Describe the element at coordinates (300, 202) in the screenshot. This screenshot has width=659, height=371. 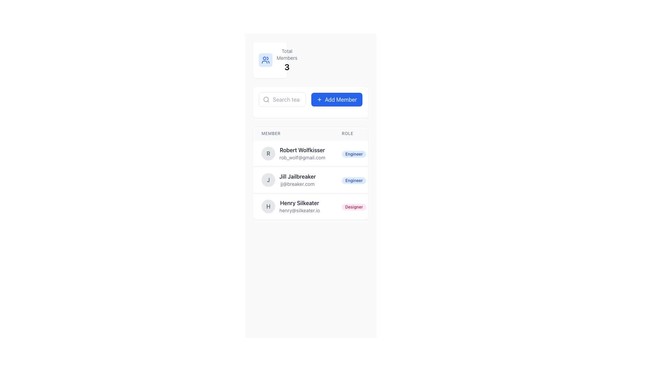
I see `the non-interactive text label presenting the name of a member in the third row of the Member listing, located under the 'Member' column header` at that location.